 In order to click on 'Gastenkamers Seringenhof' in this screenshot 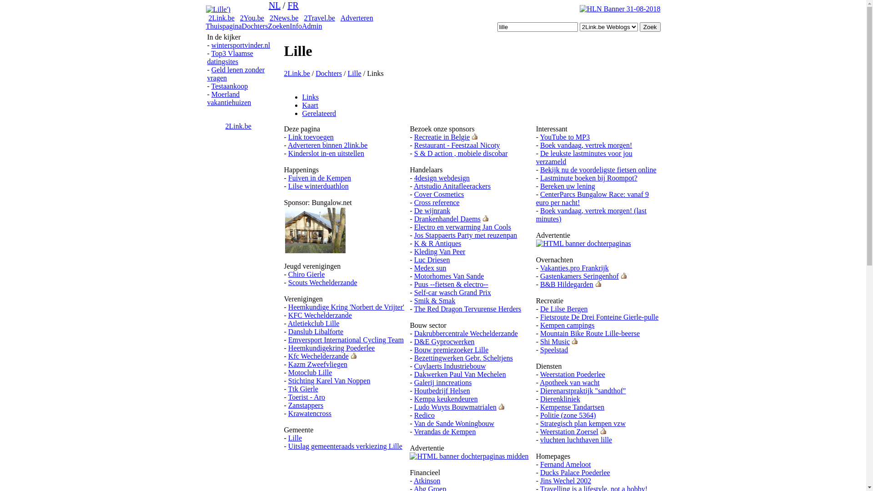, I will do `click(579, 276)`.